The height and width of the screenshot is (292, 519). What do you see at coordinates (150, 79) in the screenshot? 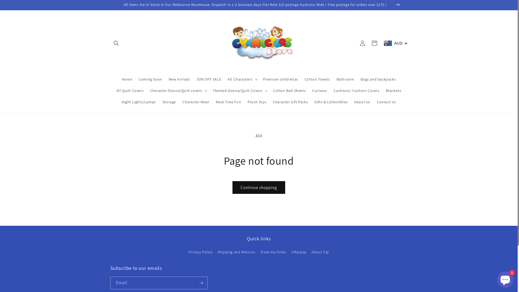
I see `'Coming Soon'` at bounding box center [150, 79].